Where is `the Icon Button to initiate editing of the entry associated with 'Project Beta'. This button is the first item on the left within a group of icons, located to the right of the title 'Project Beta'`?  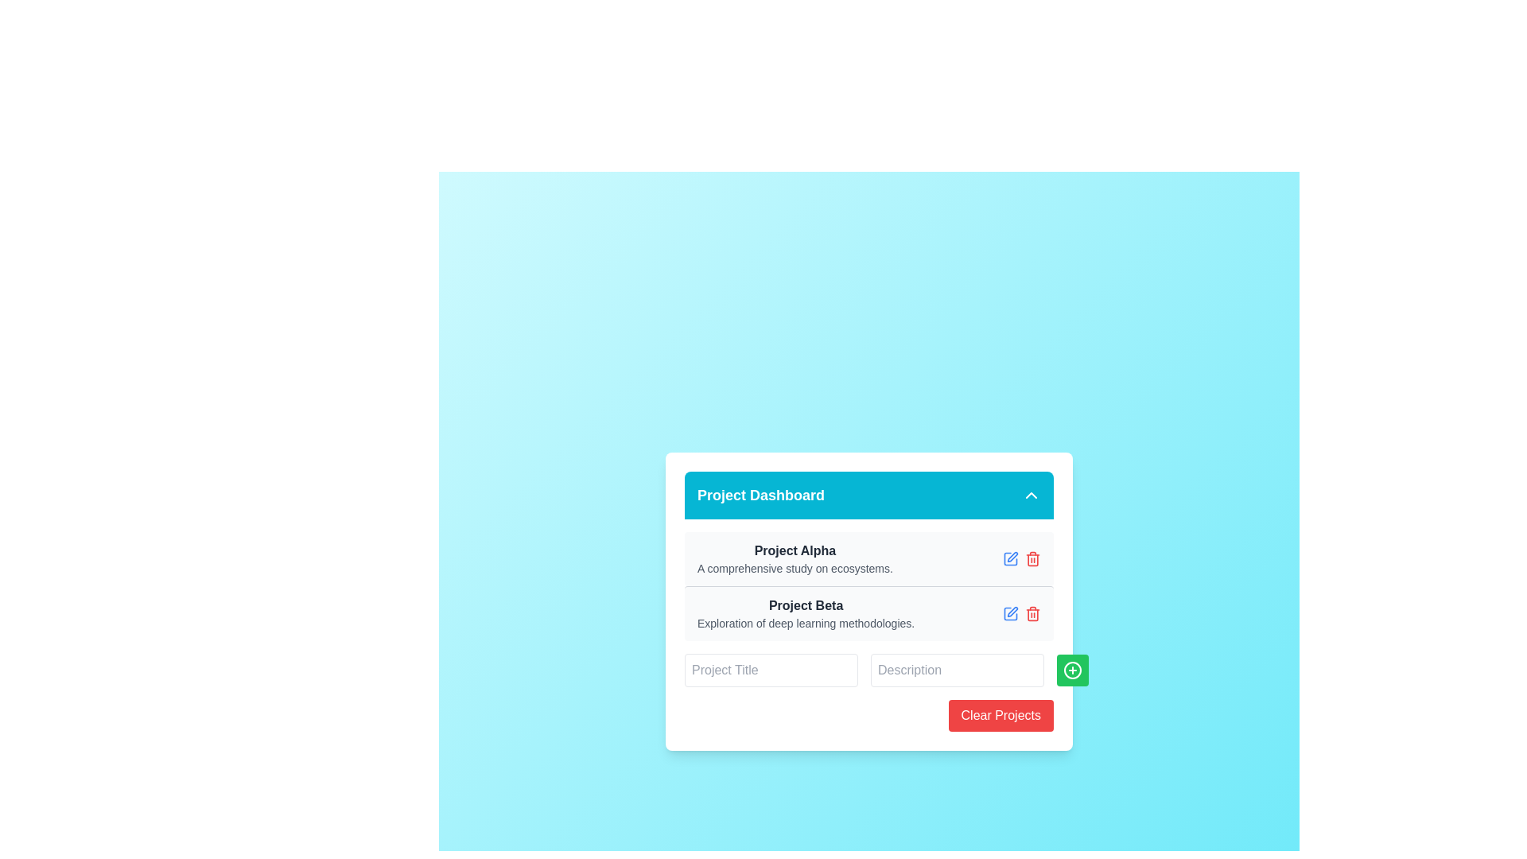
the Icon Button to initiate editing of the entry associated with 'Project Beta'. This button is the first item on the left within a group of icons, located to the right of the title 'Project Beta' is located at coordinates (1010, 612).